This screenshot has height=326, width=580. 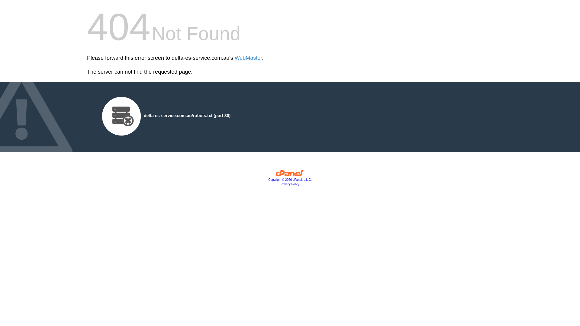 What do you see at coordinates (248, 58) in the screenshot?
I see `'WebMaster'` at bounding box center [248, 58].